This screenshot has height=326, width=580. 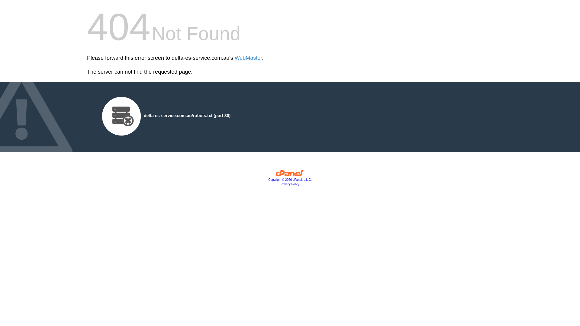 What do you see at coordinates (248, 58) in the screenshot?
I see `'WebMaster'` at bounding box center [248, 58].